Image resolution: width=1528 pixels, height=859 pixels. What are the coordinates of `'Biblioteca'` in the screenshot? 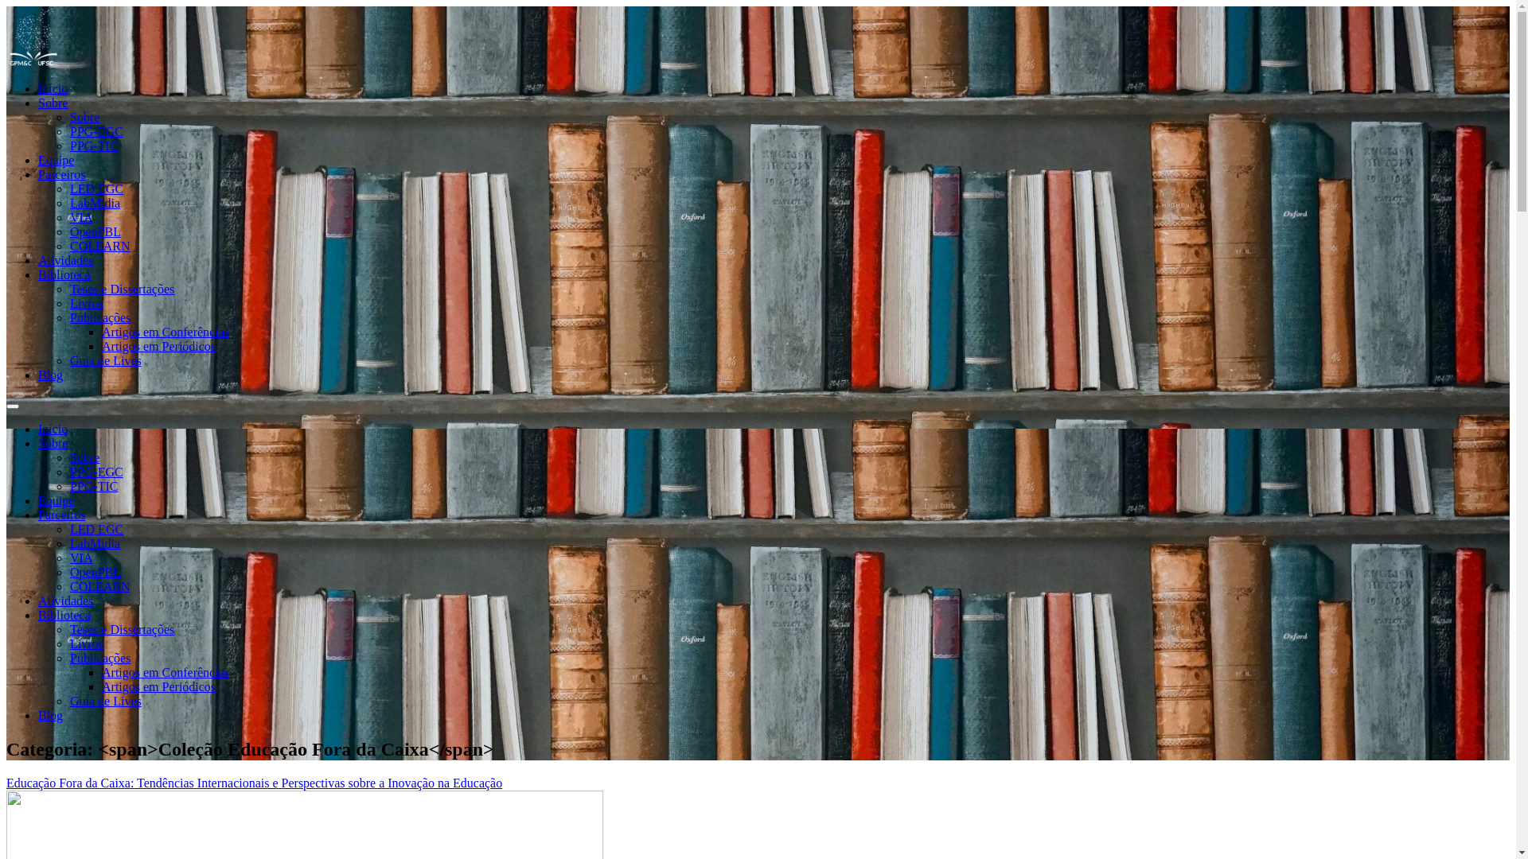 It's located at (64, 274).